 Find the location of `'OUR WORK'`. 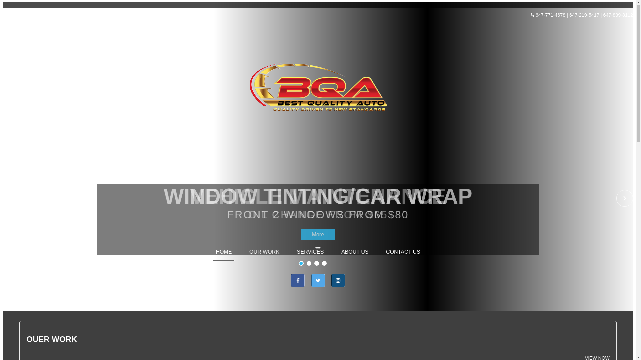

'OUR WORK' is located at coordinates (264, 252).